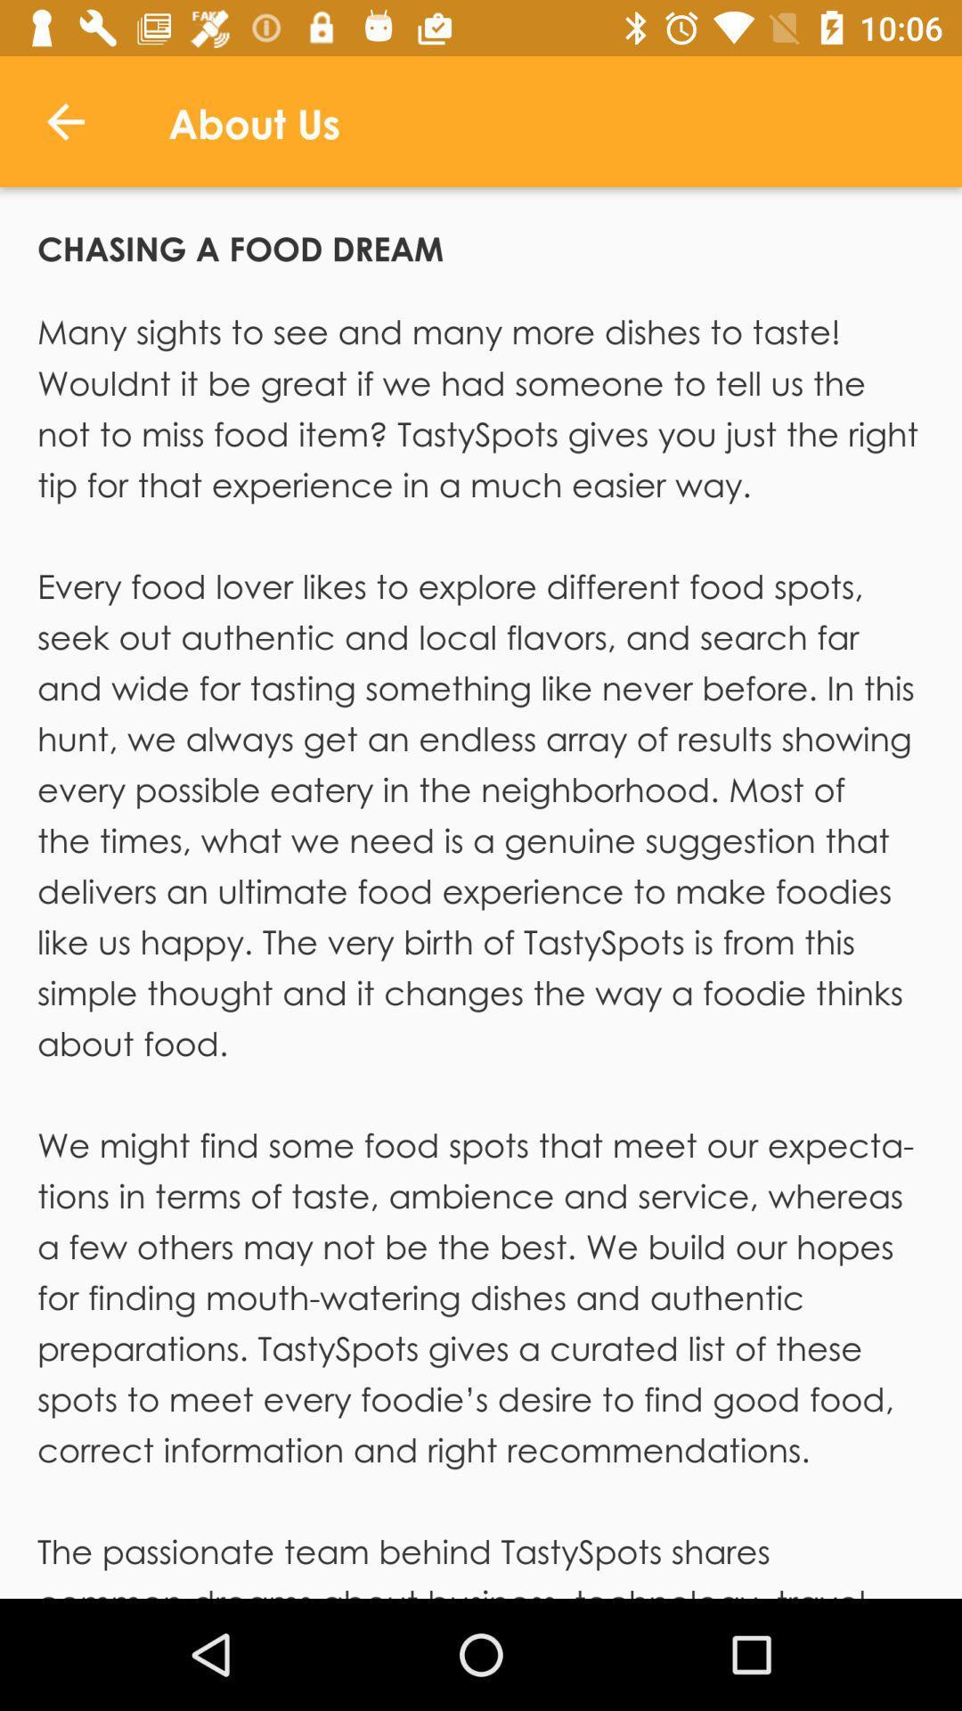 The width and height of the screenshot is (962, 1711). What do you see at coordinates (64, 120) in the screenshot?
I see `item above chasing a food icon` at bounding box center [64, 120].